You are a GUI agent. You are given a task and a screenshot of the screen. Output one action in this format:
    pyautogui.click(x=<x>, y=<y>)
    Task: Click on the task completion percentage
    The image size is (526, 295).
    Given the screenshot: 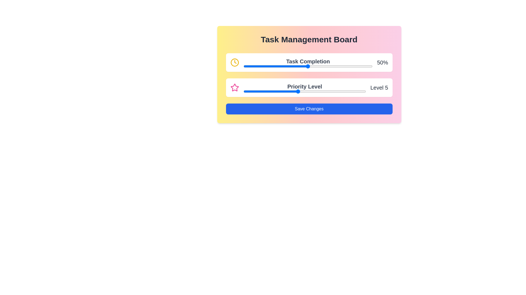 What is the action you would take?
    pyautogui.click(x=287, y=66)
    